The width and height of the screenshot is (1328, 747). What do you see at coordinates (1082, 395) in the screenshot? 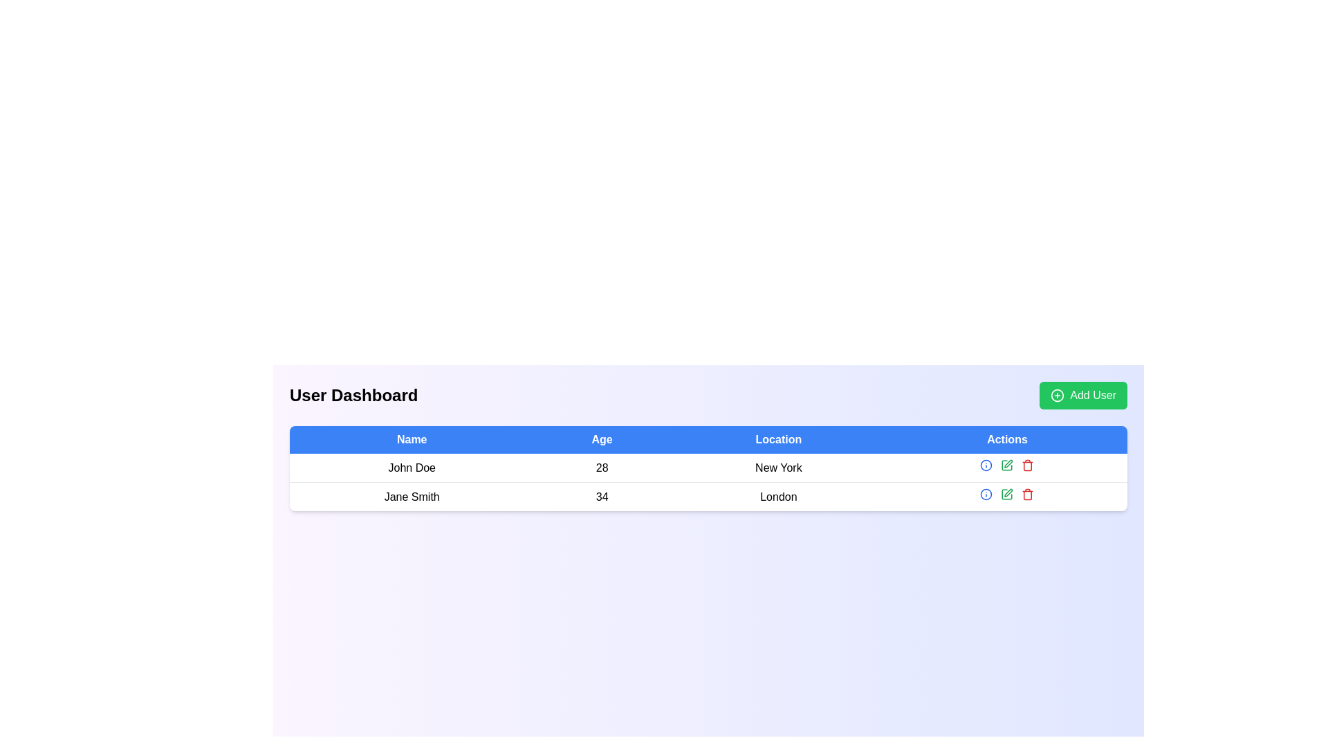
I see `the 'Add User' button located at the top-right corner of the section next to 'User Dashboard' to initiate the user addition process` at bounding box center [1082, 395].